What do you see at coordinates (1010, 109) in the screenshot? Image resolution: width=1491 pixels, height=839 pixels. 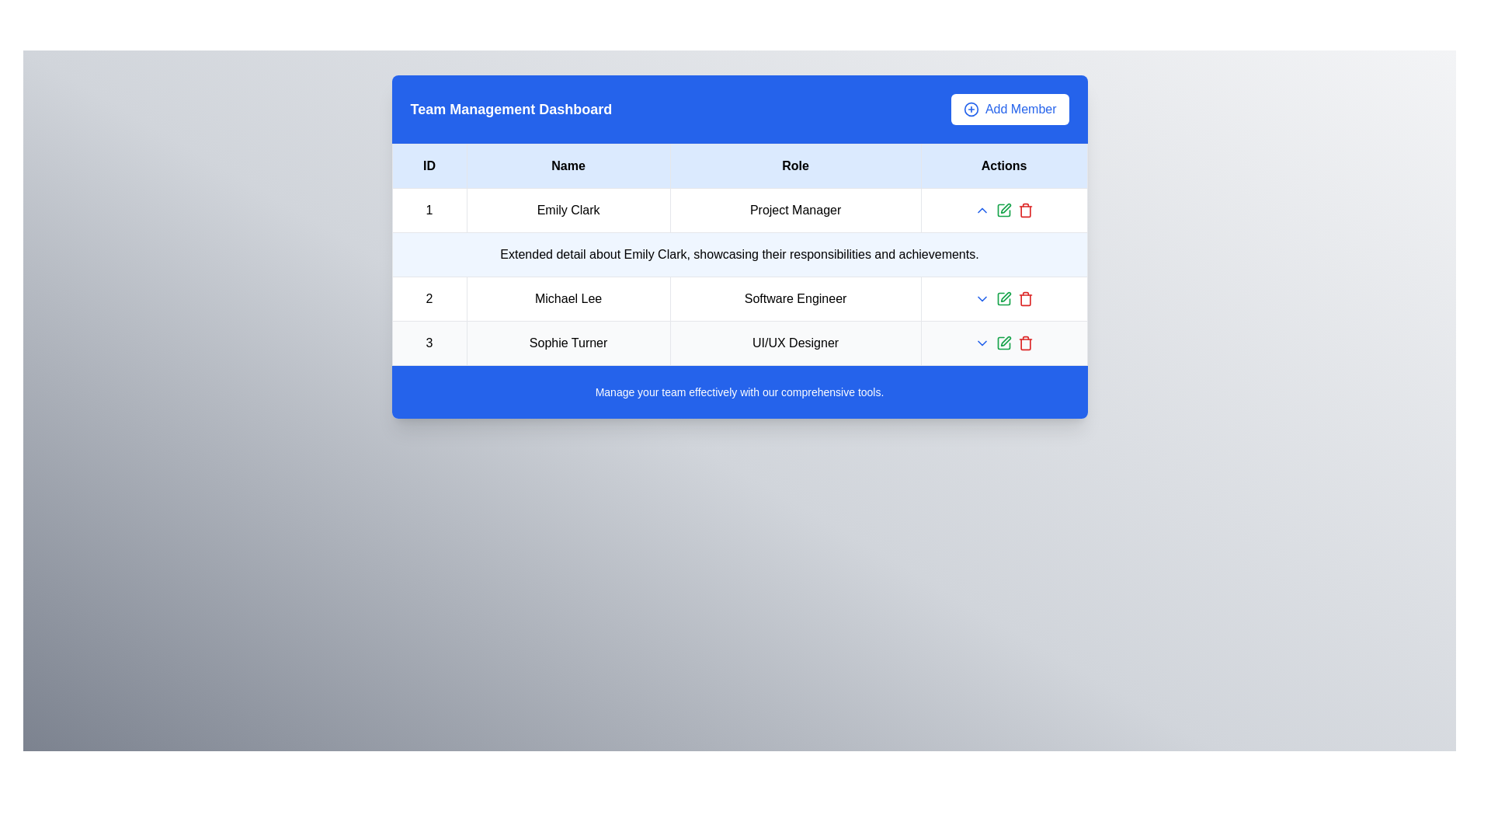 I see `the 'Add Member' button located on the top-right corner of the blue header bar, which features a white background, blue text, and a plus sign icon` at bounding box center [1010, 109].